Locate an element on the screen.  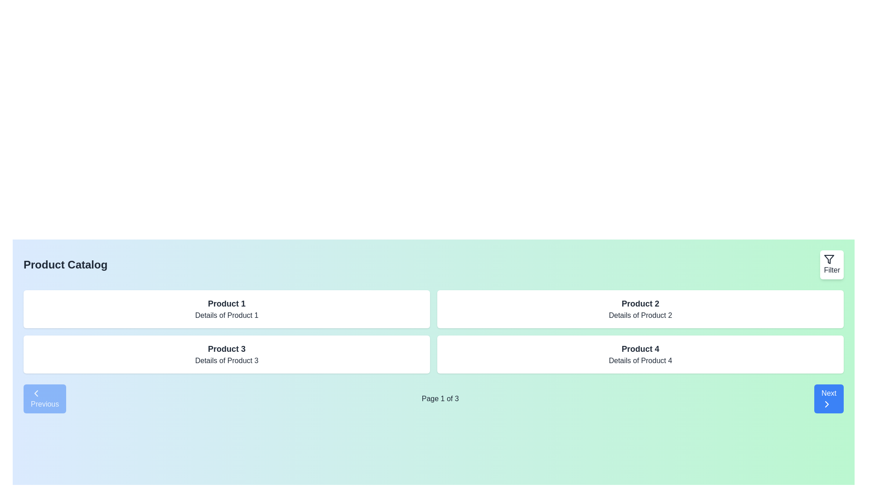
the SVG chevron icon representing the next page navigation indicator located within the 'Next' button at the bottom-right corner of the interface is located at coordinates (827, 404).